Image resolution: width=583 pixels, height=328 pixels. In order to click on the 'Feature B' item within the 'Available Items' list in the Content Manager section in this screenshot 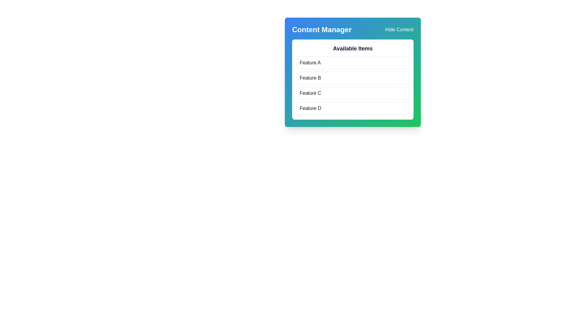, I will do `click(353, 72)`.